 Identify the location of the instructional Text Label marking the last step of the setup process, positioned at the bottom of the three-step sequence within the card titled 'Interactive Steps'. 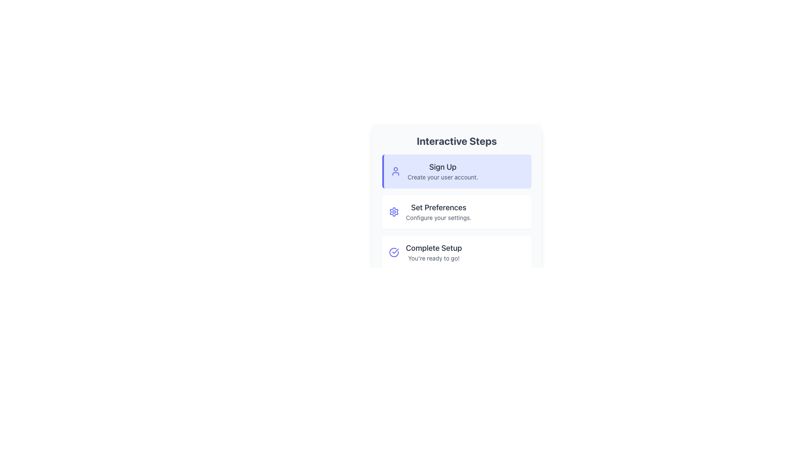
(434, 247).